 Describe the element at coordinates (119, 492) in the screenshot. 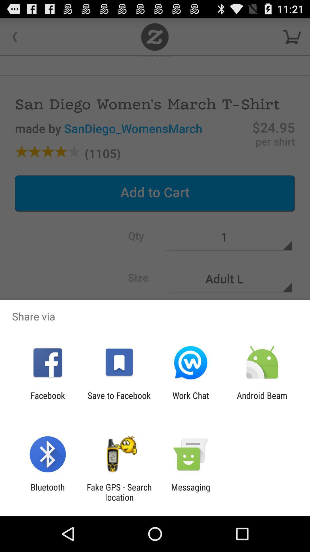

I see `fake gps search item` at that location.